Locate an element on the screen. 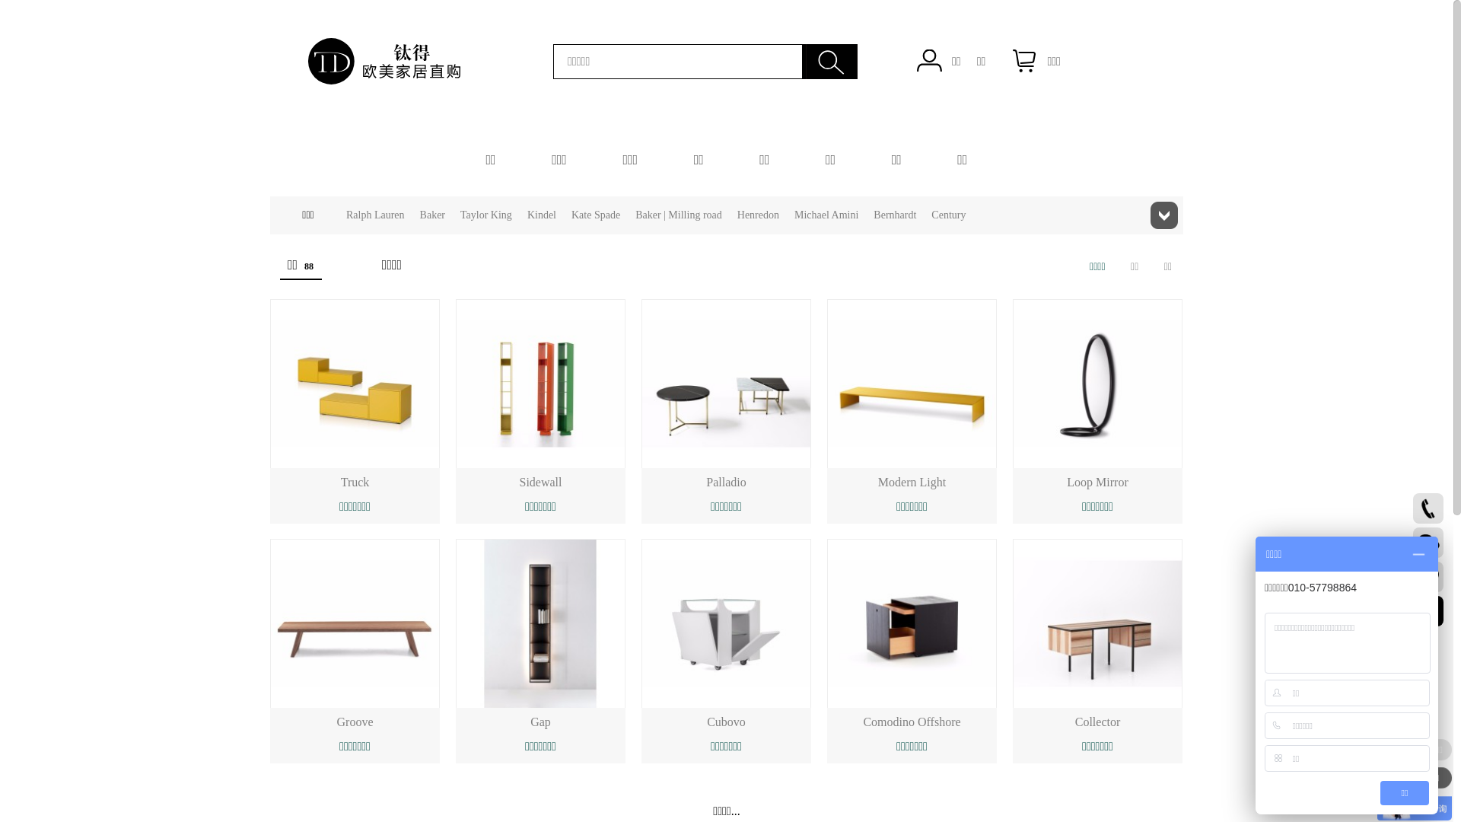 This screenshot has width=1461, height=822. 'Century' is located at coordinates (947, 215).